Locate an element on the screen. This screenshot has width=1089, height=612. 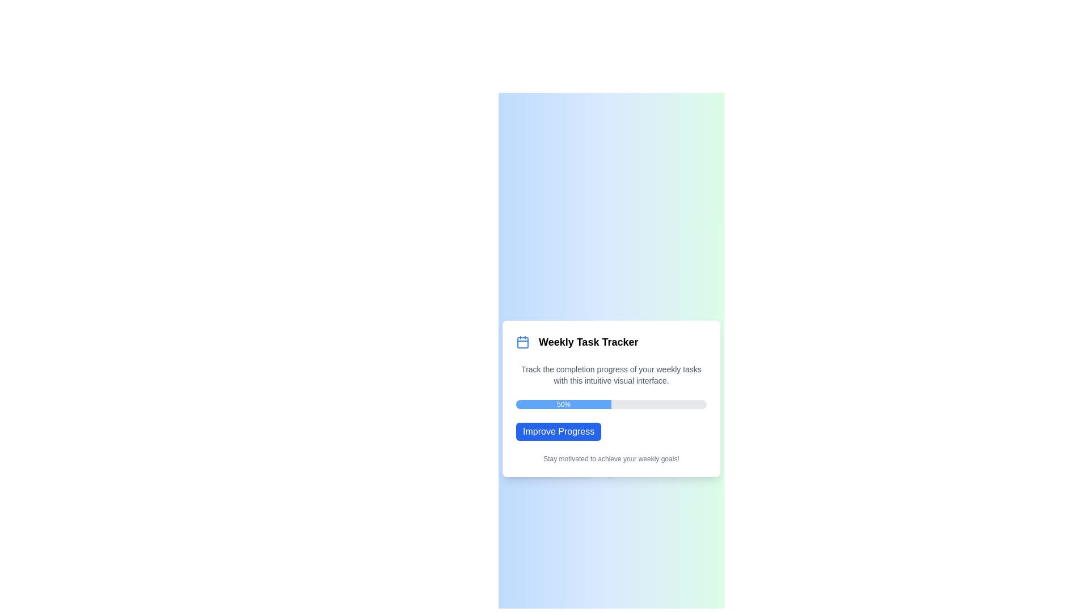
the informational text block located beneath the title of 'Weekly Task Tracker', which serves to provide context regarding the functionality of the tracker is located at coordinates (611, 375).